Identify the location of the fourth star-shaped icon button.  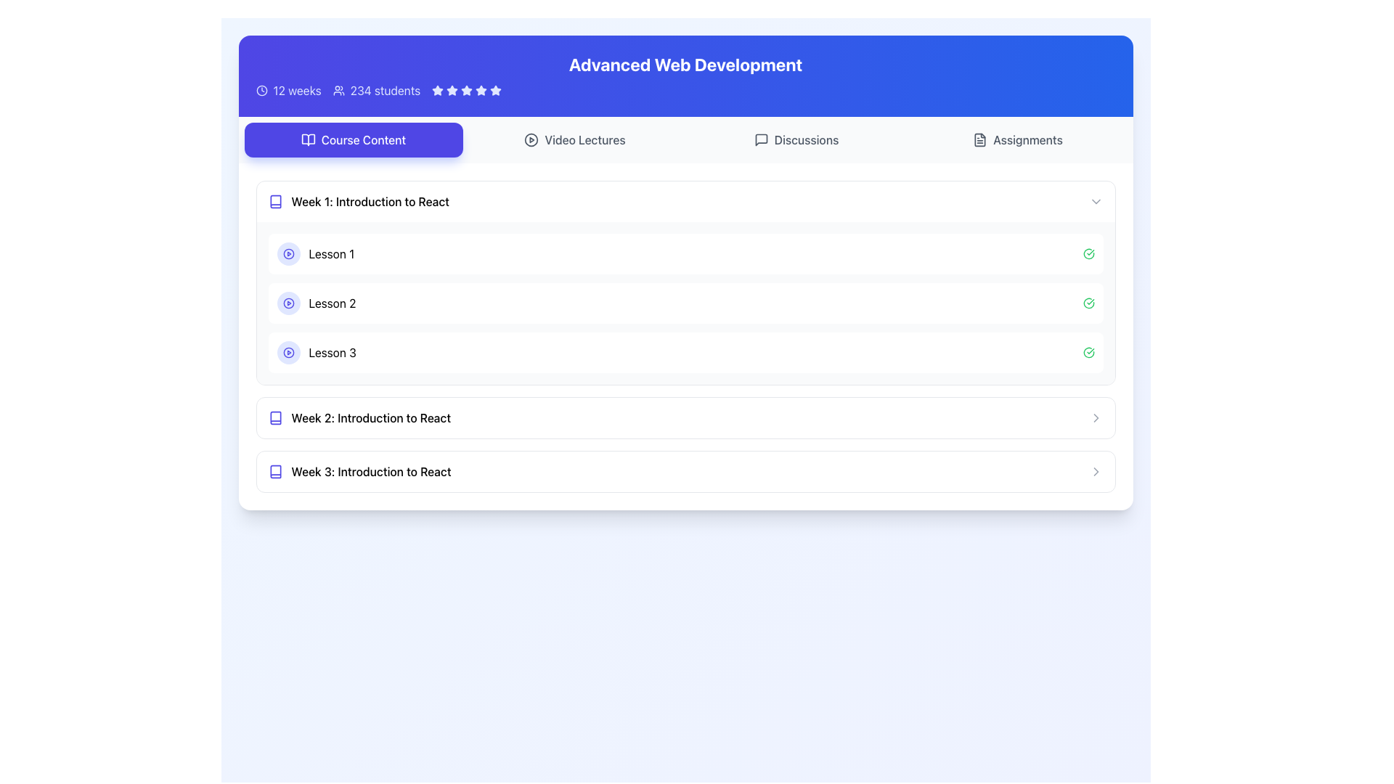
(467, 90).